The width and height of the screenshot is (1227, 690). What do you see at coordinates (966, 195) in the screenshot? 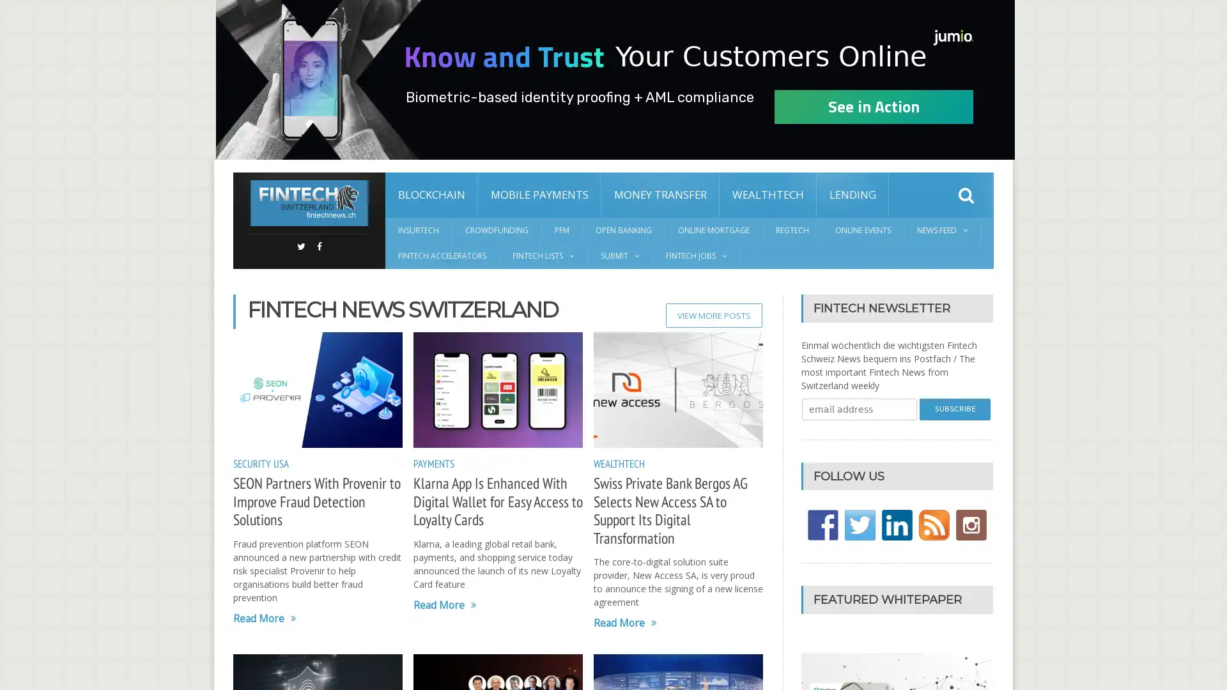
I see `Search` at bounding box center [966, 195].